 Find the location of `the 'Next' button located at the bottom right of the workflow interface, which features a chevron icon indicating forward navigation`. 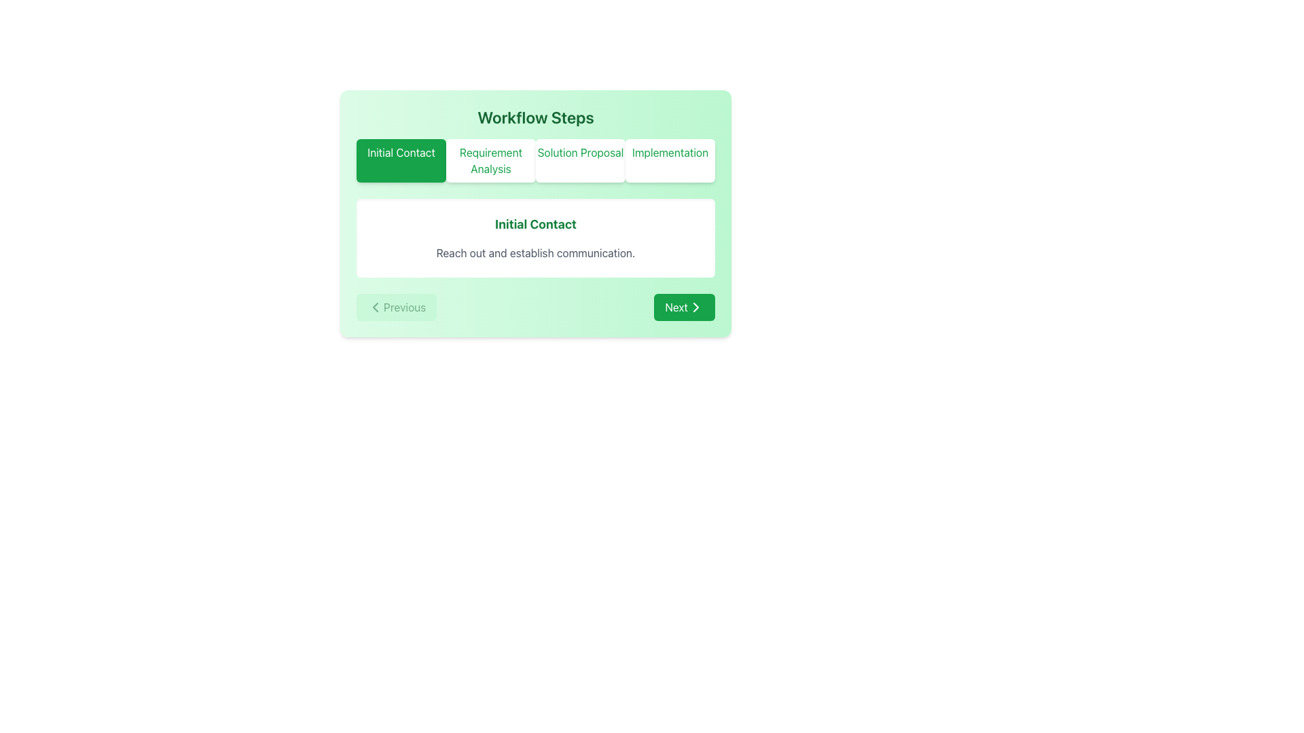

the 'Next' button located at the bottom right of the workflow interface, which features a chevron icon indicating forward navigation is located at coordinates (696, 307).